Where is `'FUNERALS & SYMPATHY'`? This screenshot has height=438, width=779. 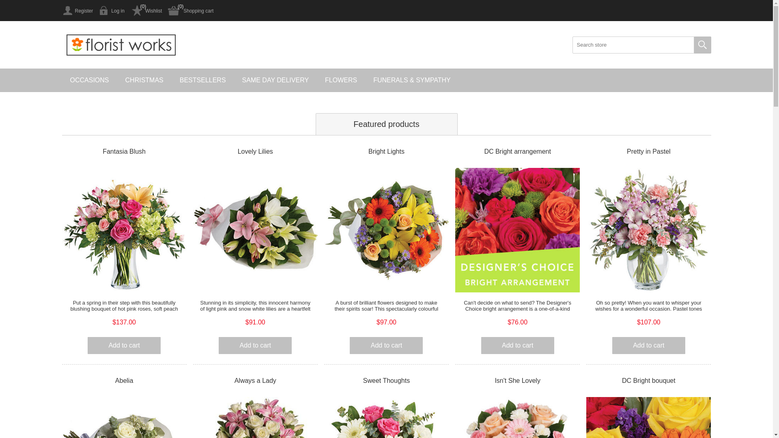 'FUNERALS & SYMPATHY' is located at coordinates (412, 80).